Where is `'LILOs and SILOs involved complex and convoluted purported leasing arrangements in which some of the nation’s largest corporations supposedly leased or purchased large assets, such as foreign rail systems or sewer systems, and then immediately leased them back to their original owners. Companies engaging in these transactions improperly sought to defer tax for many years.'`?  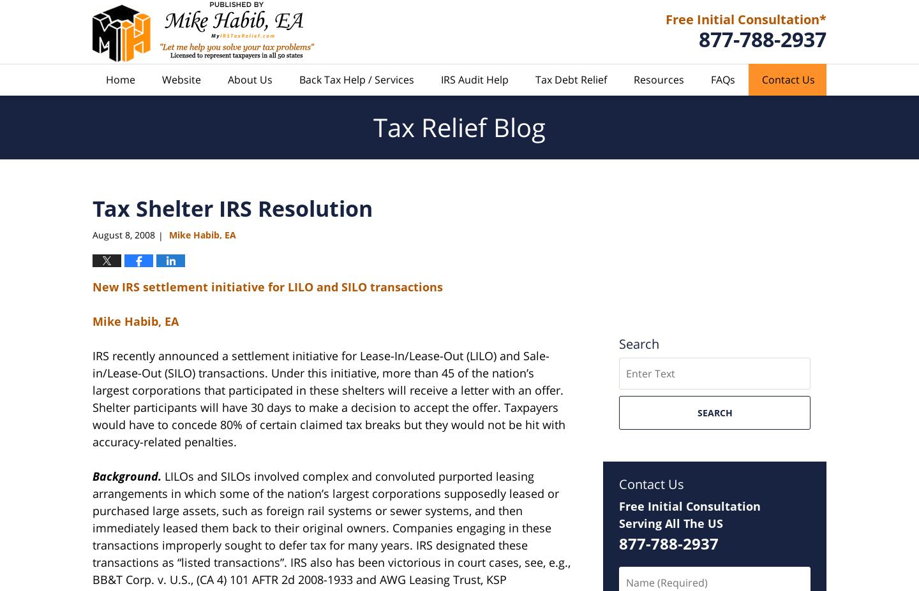
'LILOs and SILOs involved complex and convoluted purported leasing arrangements in which some of the nation’s largest corporations supposedly leased or purchased large assets, such as foreign rail systems or sewer systems, and then immediately leased them back to their original owners. Companies engaging in these transactions improperly sought to defer tax for many years.' is located at coordinates (325, 511).